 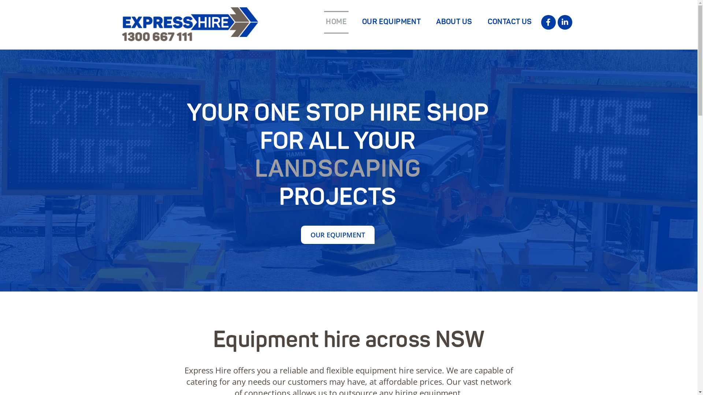 What do you see at coordinates (337, 234) in the screenshot?
I see `'OUR EQUIPMENT'` at bounding box center [337, 234].